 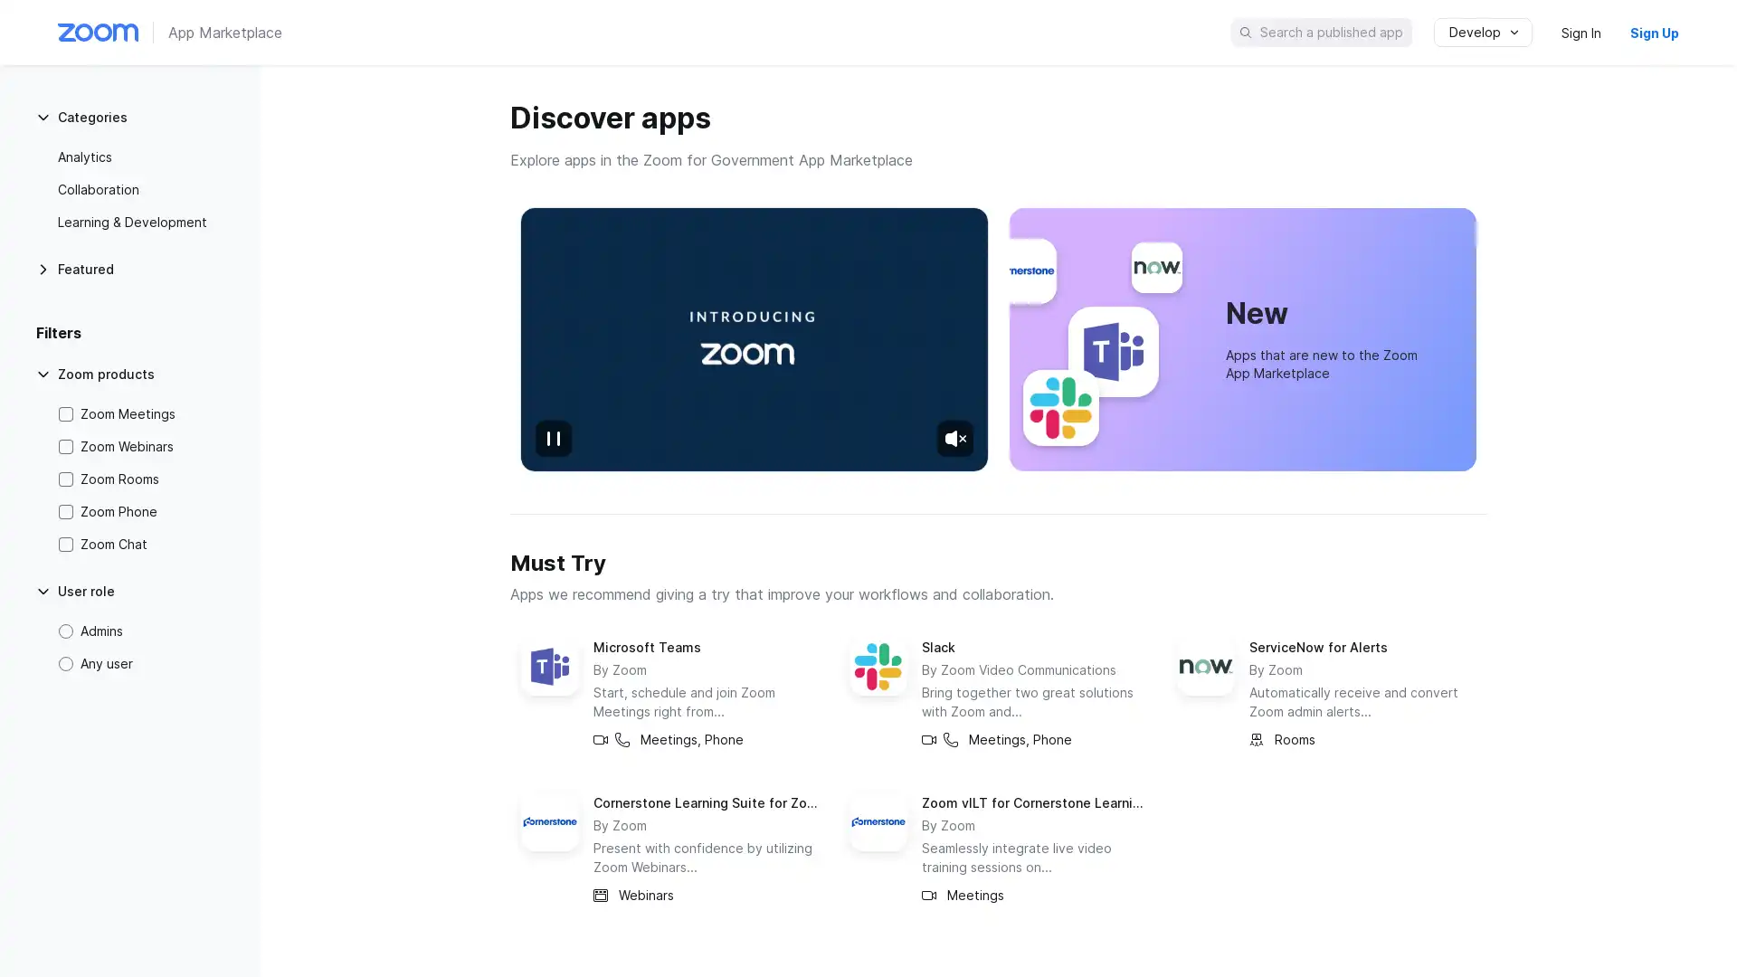 I want to click on Zoom products, so click(x=129, y=373).